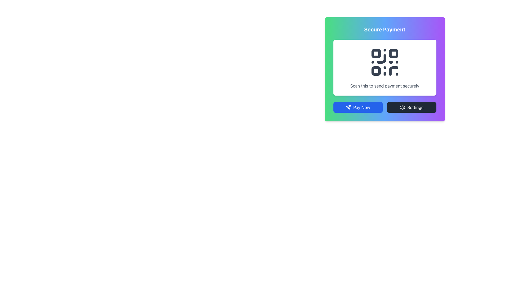 This screenshot has width=515, height=290. Describe the element at coordinates (402, 107) in the screenshot. I see `the 'Settings' icon located near the bottom-right corner of the interface` at that location.